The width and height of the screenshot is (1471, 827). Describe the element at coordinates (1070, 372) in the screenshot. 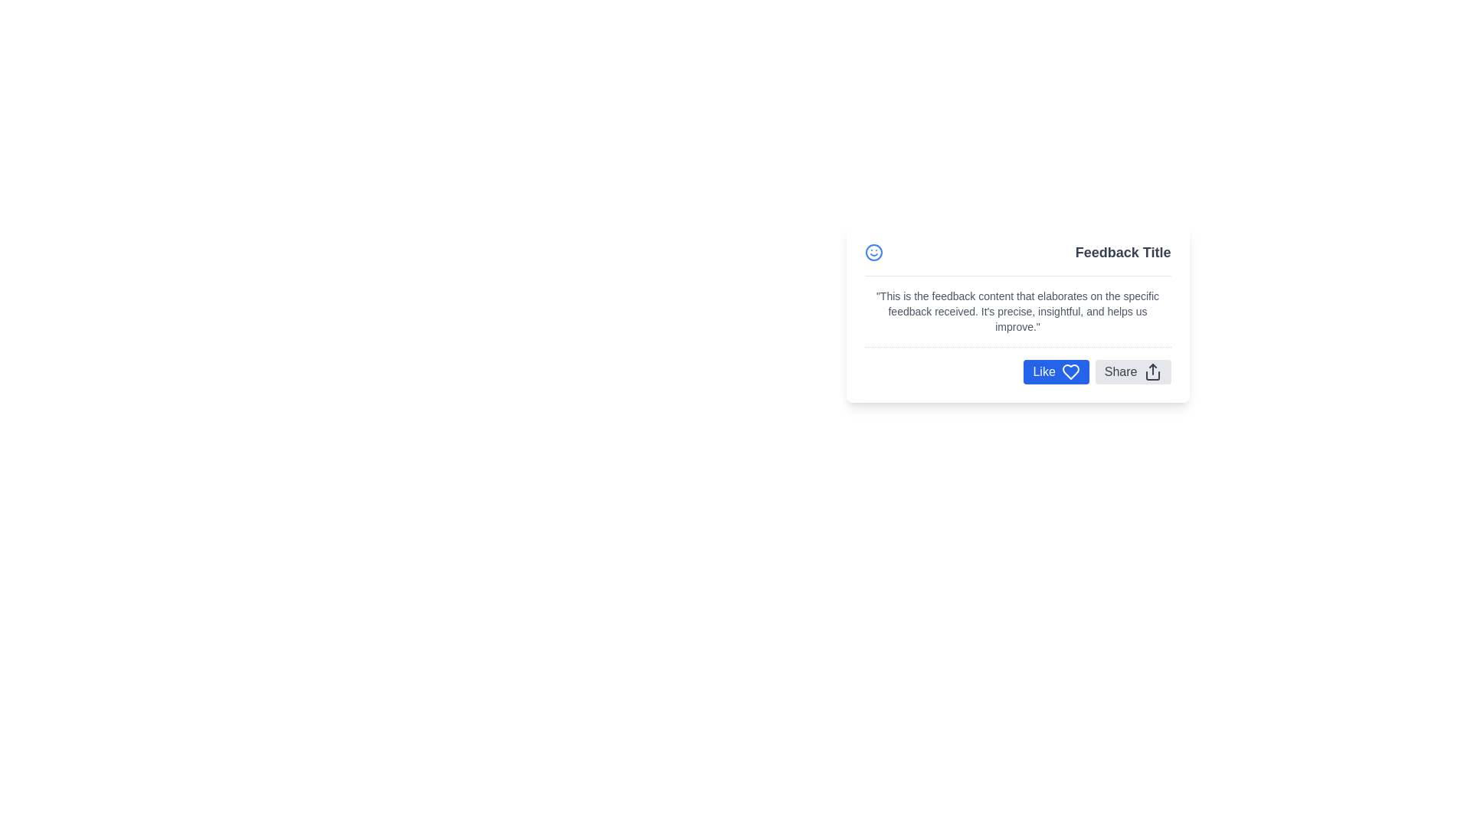

I see `the 'like' icon located within the 'Like' button at the bottom-right of the feedback card` at that location.